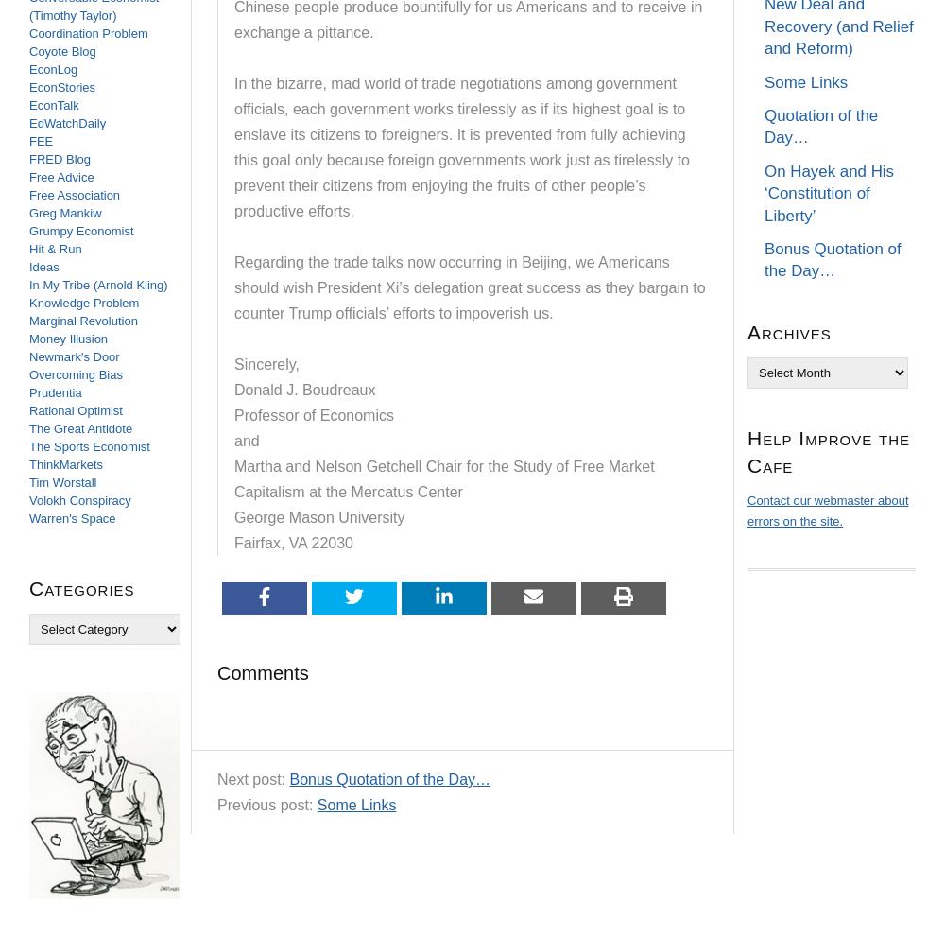 Image resolution: width=945 pixels, height=938 pixels. Describe the element at coordinates (79, 427) in the screenshot. I see `'The Great Antidote'` at that location.